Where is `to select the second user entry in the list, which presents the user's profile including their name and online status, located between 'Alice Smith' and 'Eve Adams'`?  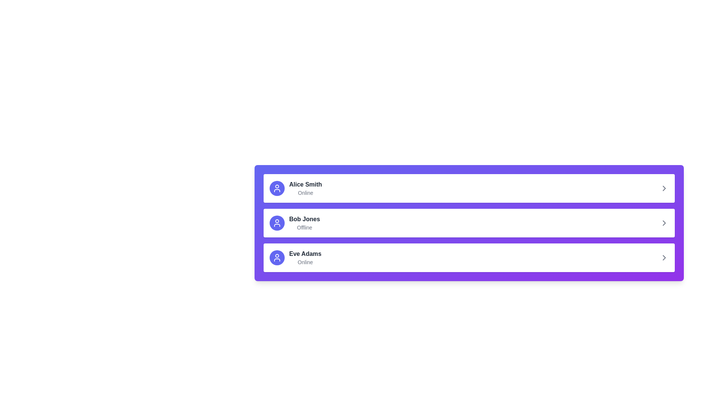 to select the second user entry in the list, which presents the user's profile including their name and online status, located between 'Alice Smith' and 'Eve Adams' is located at coordinates (294, 222).